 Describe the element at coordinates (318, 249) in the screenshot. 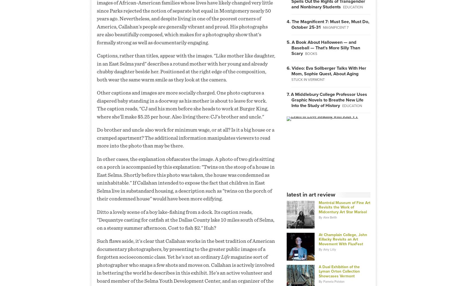

I see `'By Amy Lilly'` at that location.